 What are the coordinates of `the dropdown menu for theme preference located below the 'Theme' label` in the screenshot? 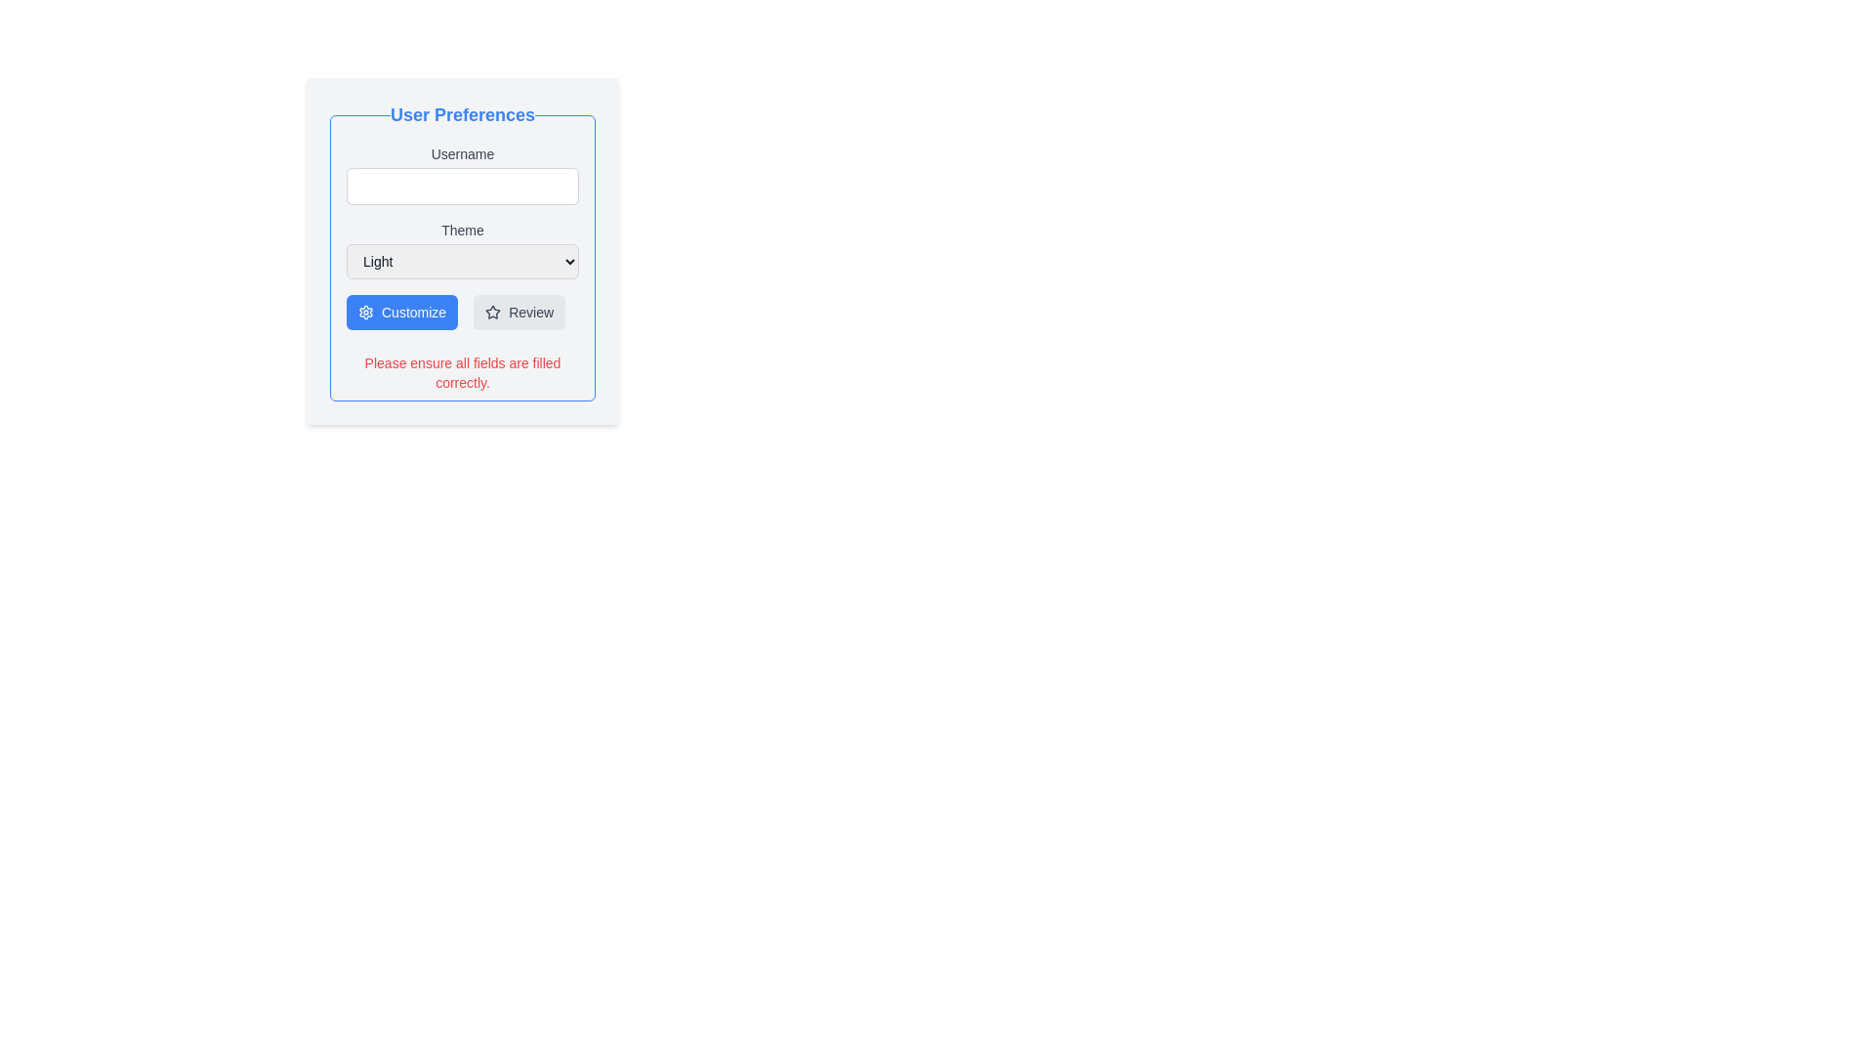 It's located at (462, 260).